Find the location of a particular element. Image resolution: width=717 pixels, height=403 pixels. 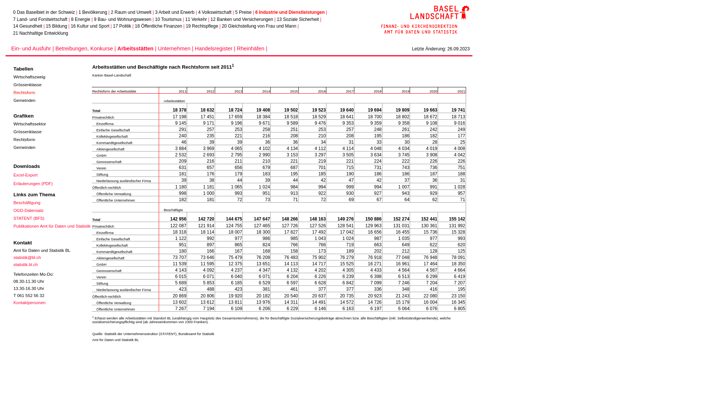

'20 Gleichstellung von Frau und Mann' is located at coordinates (221, 25).